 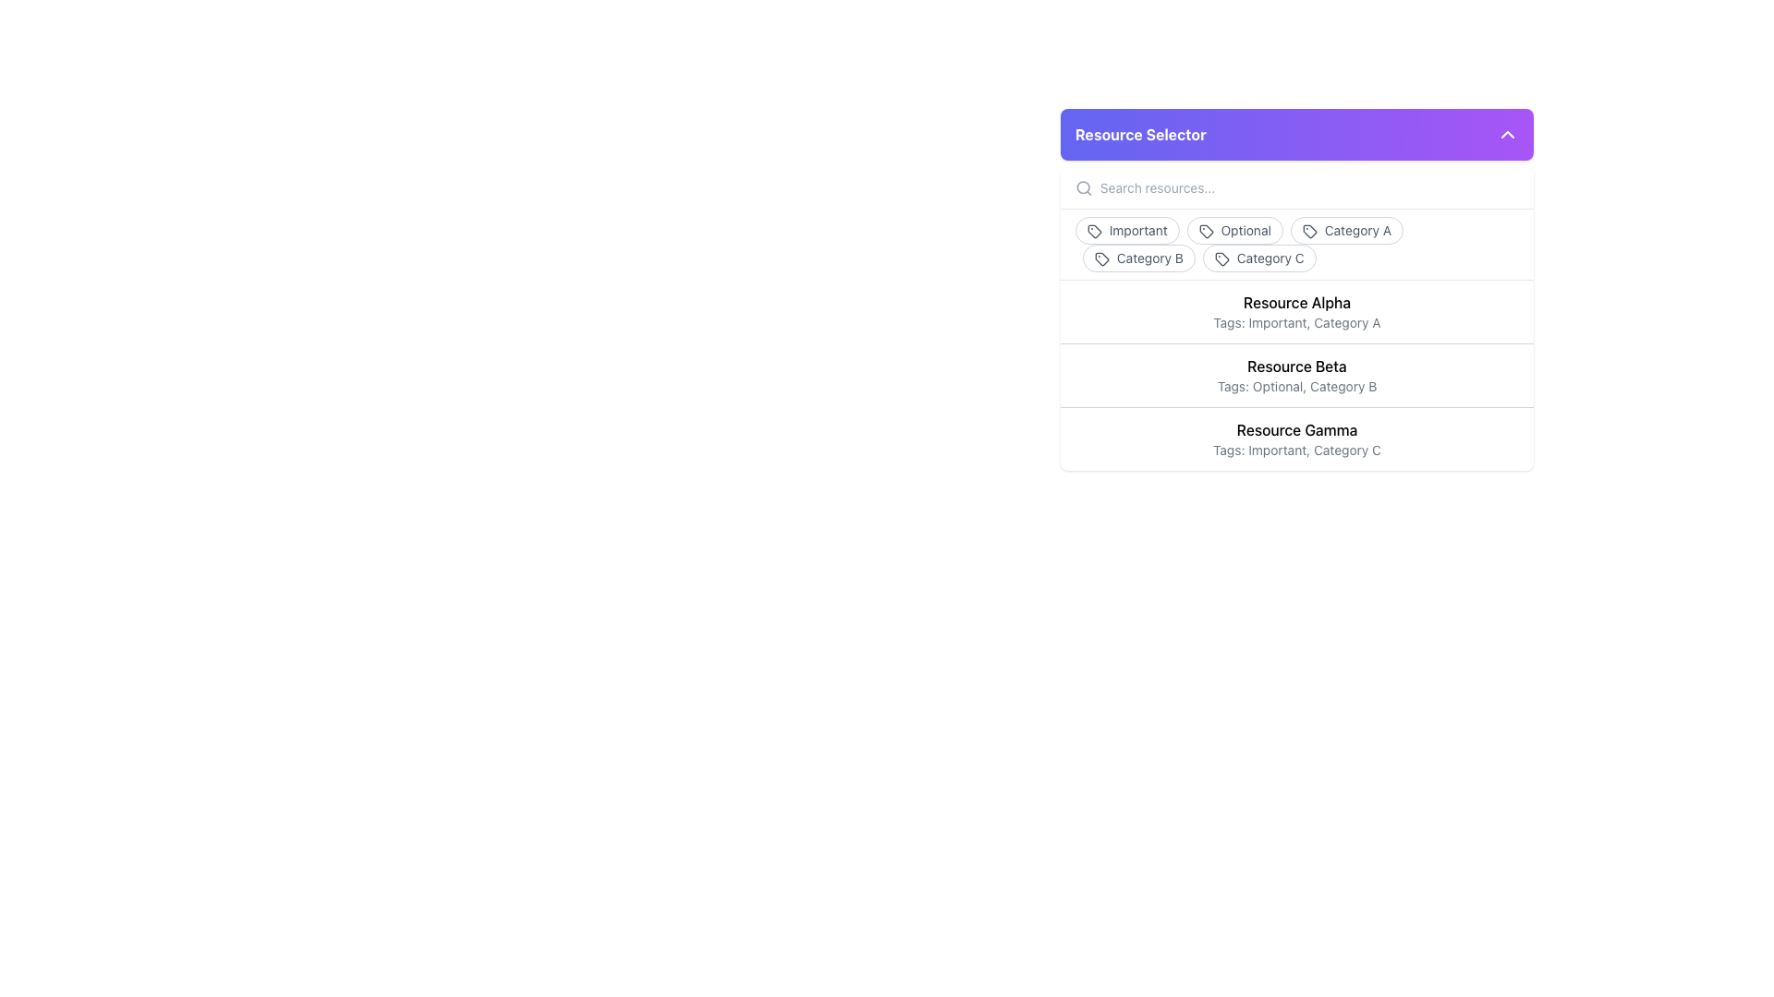 I want to click on the 'Category A' button, which is a rounded badge-like button with a tag icon, located in the 'Resource Selector' section as the third button from the left, so click(x=1347, y=230).